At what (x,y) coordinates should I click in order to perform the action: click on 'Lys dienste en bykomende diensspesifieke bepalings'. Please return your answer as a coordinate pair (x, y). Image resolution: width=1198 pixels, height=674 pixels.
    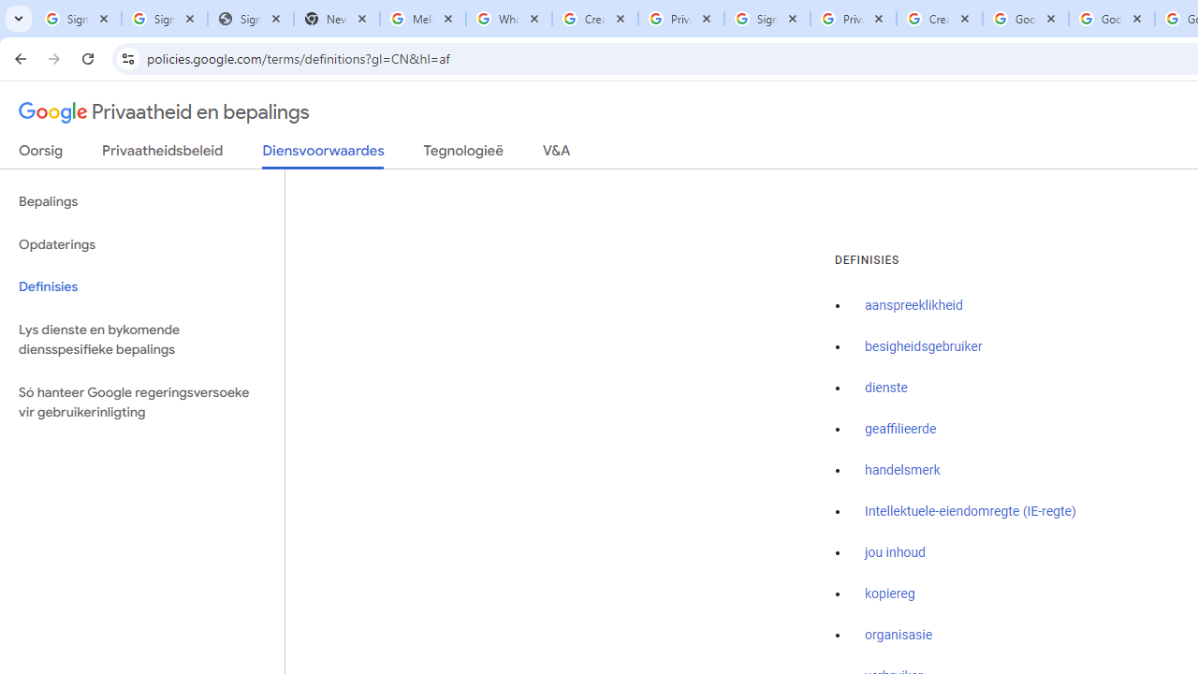
    Looking at the image, I should click on (141, 339).